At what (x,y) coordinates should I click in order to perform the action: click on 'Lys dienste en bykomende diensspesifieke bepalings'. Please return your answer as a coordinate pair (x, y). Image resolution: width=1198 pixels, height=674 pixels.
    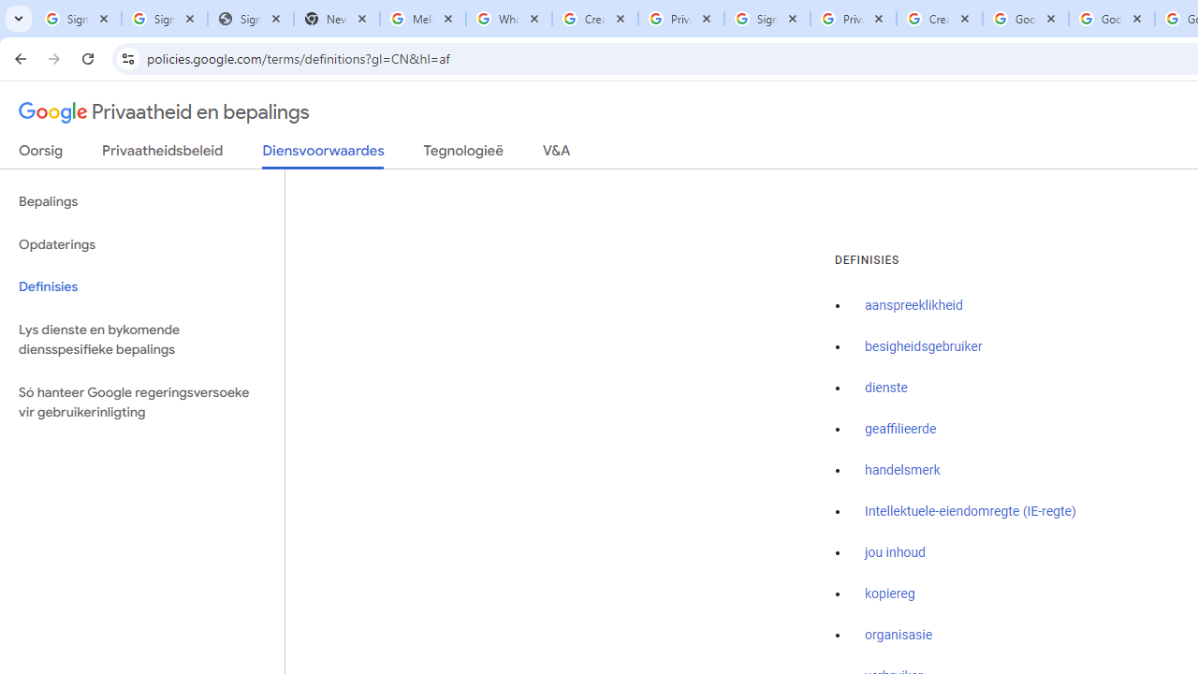
    Looking at the image, I should click on (141, 339).